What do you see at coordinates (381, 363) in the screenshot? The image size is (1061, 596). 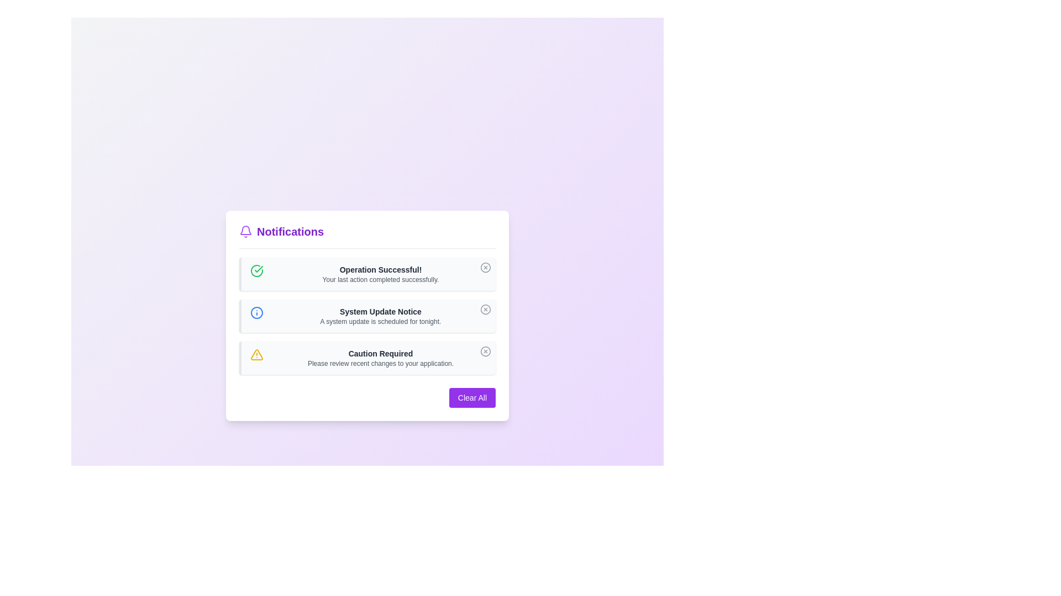 I see `the static text label that reads 'Please review recent changes to your application.' which is located below 'Caution Required' in the third notification box` at bounding box center [381, 363].